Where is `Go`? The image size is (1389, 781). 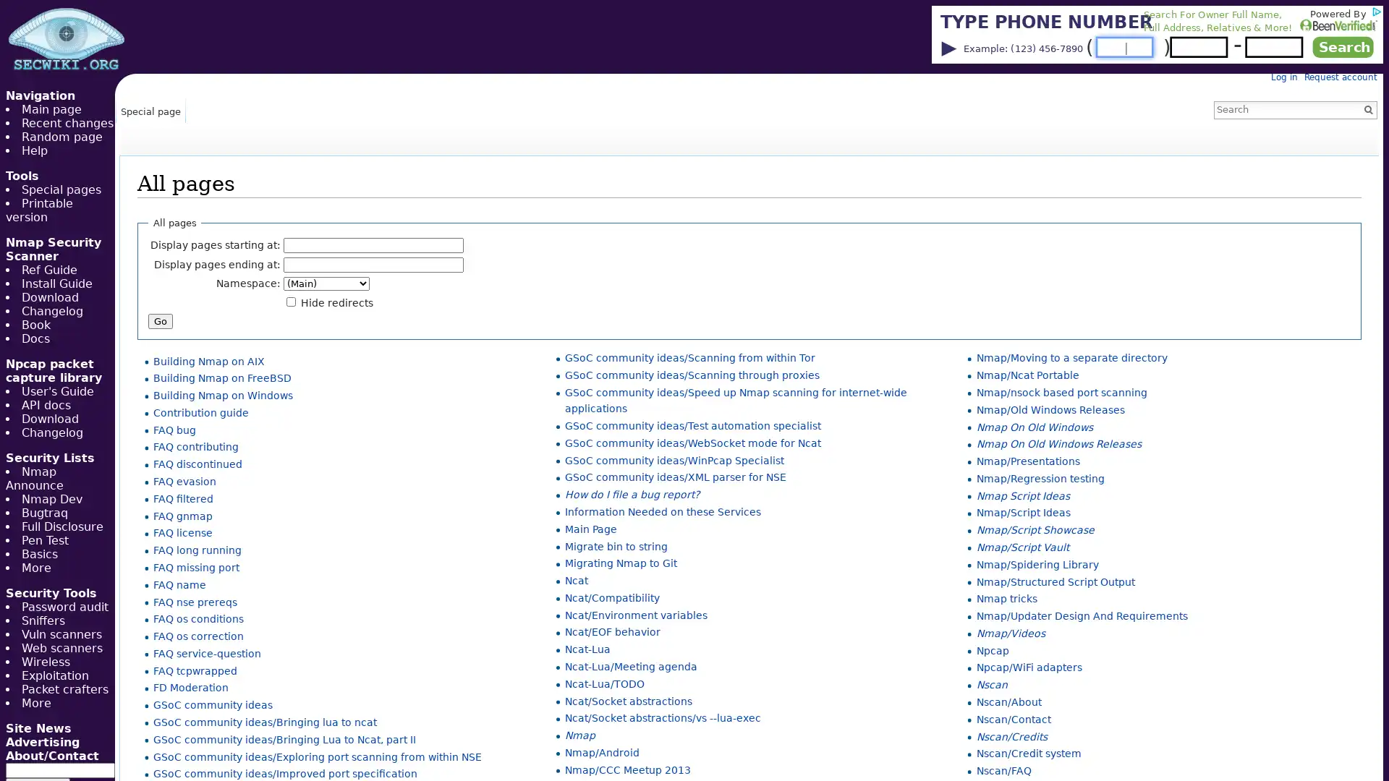 Go is located at coordinates (160, 320).